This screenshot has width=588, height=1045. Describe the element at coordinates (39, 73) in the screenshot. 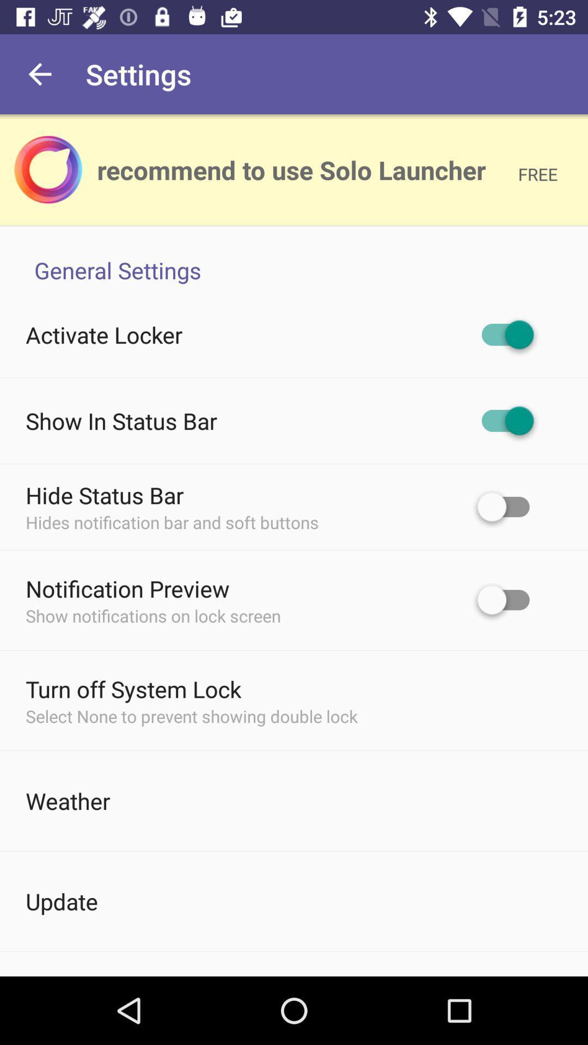

I see `the icon next to settings icon` at that location.